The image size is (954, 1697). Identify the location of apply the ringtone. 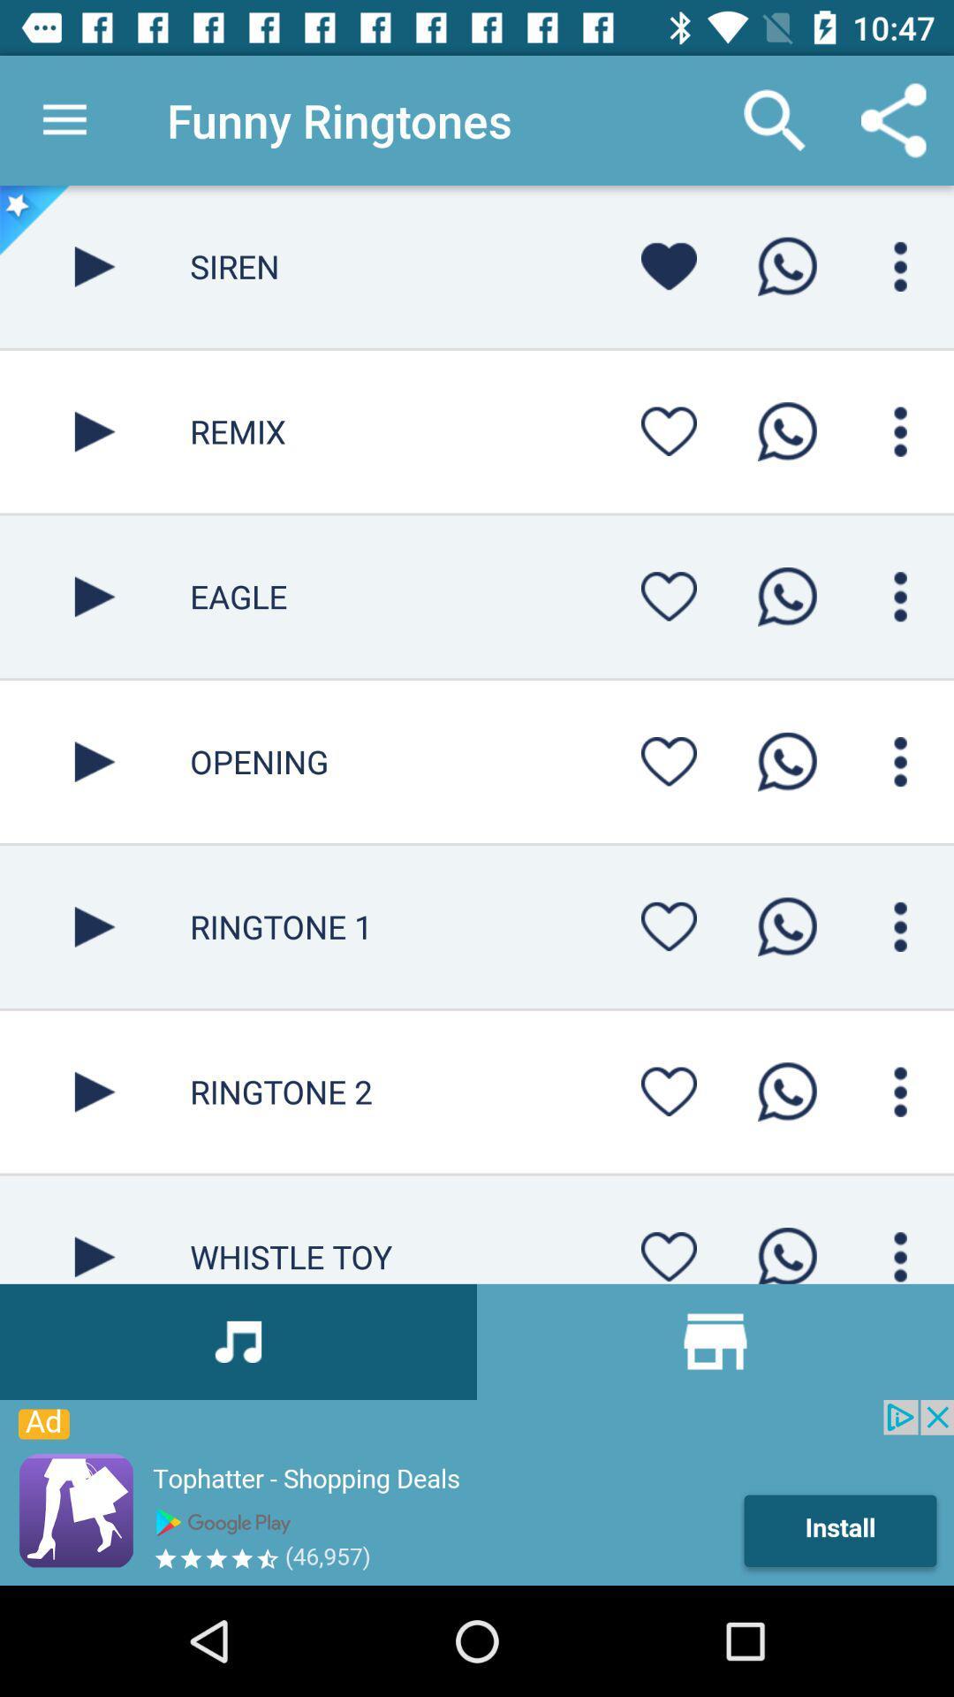
(786, 925).